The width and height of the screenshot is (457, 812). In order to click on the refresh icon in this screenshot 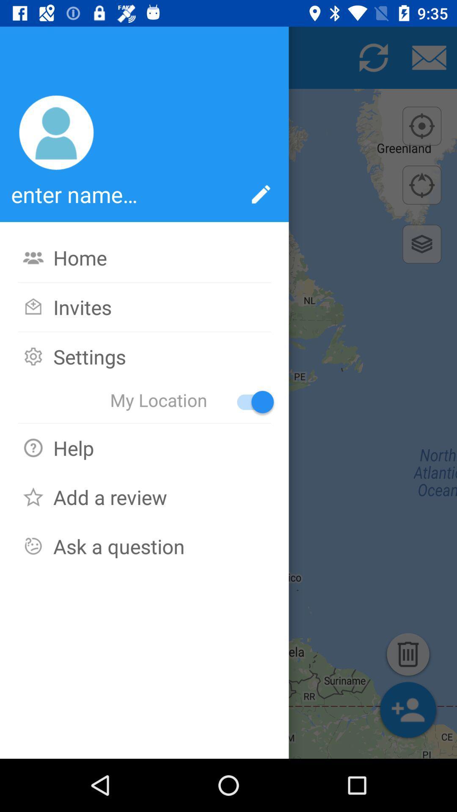, I will do `click(373, 57)`.